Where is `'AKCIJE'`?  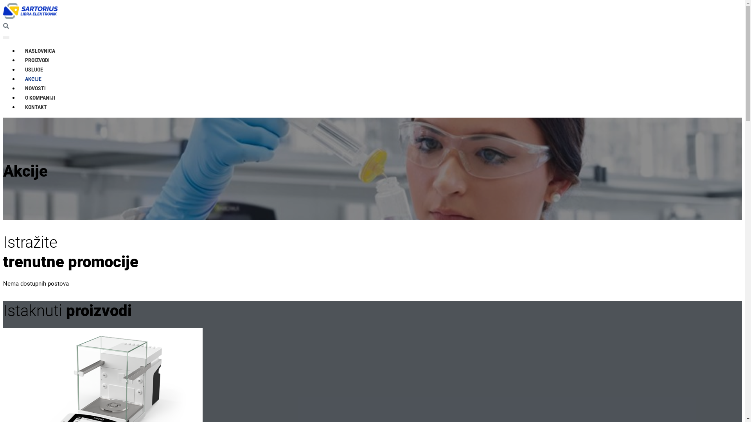
'AKCIJE' is located at coordinates (33, 79).